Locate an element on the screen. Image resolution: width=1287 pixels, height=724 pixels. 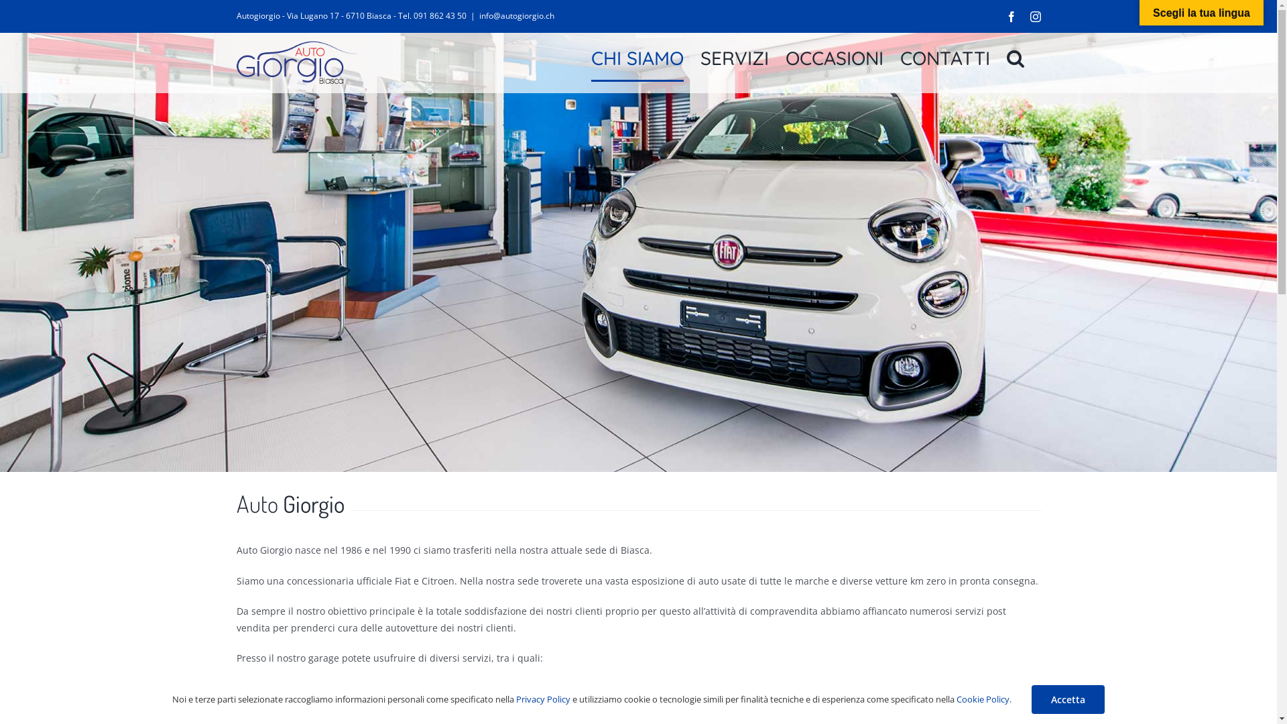
'Facebook' is located at coordinates (1005, 15).